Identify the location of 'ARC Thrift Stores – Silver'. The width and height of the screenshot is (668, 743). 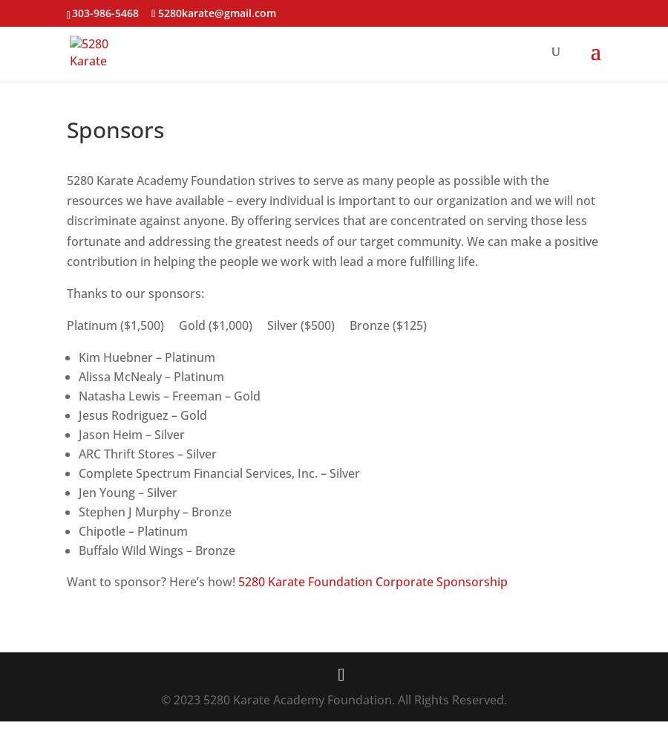
(147, 453).